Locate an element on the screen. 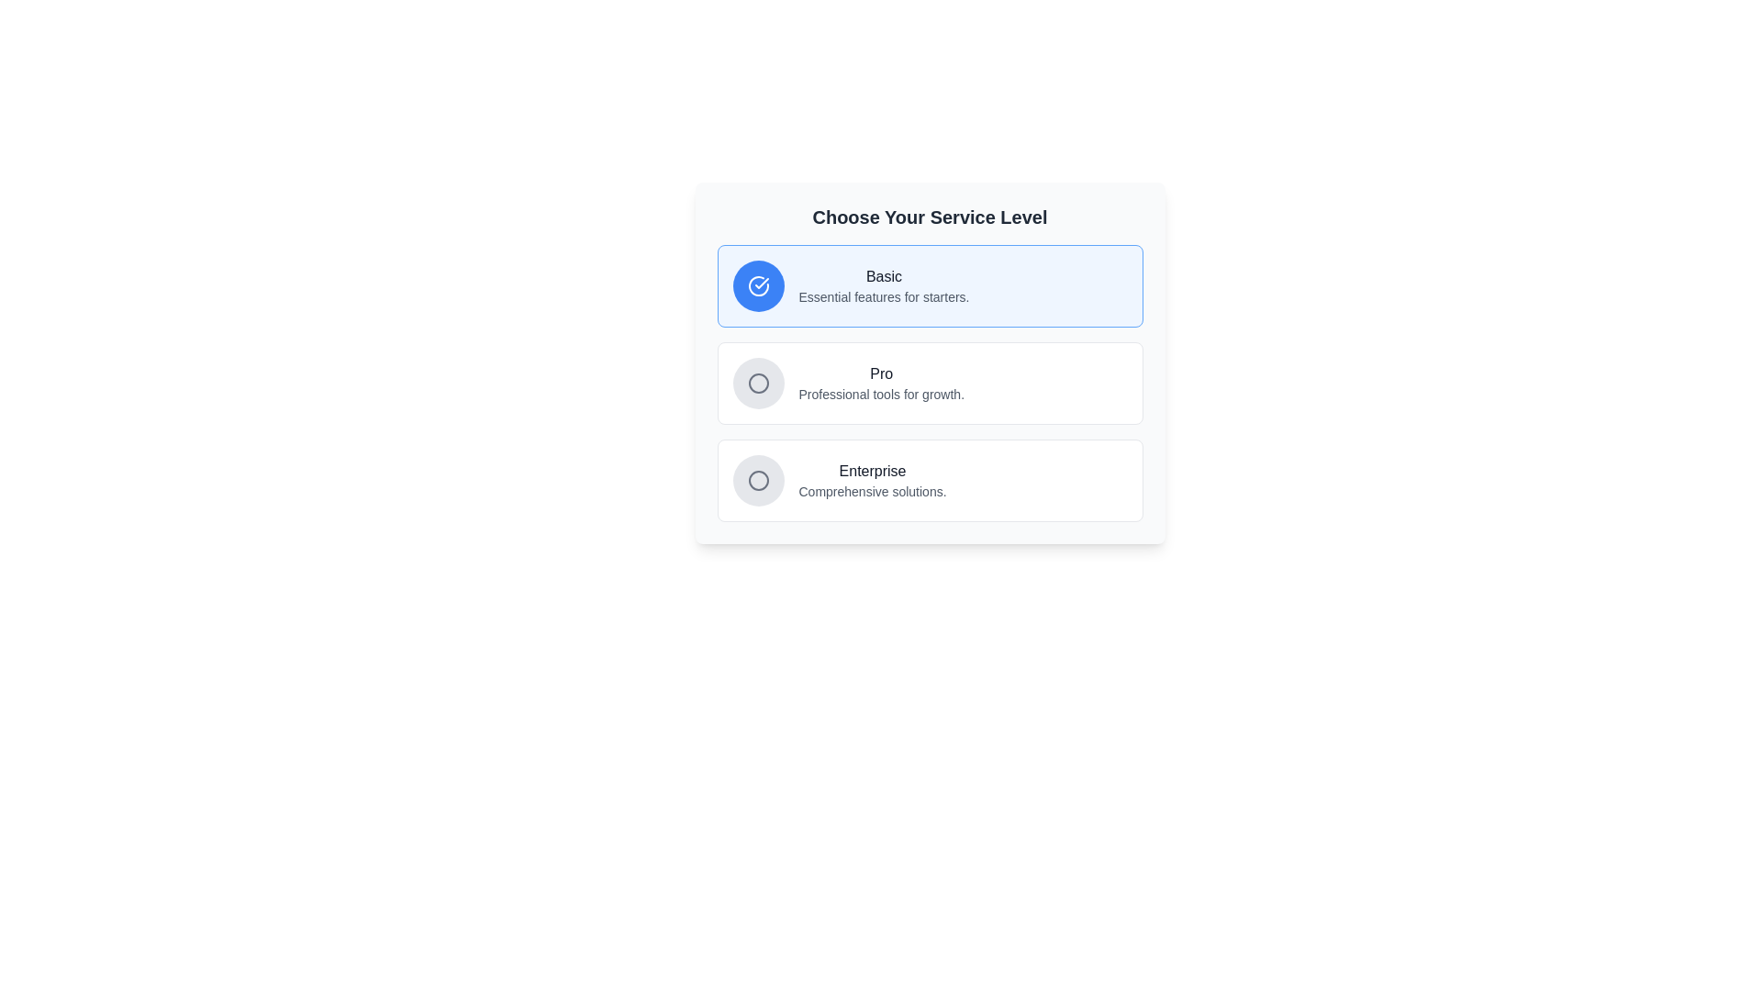  the text label that describes the 'Pro' service level, which is located directly below the 'Pro' label in the service level options list is located at coordinates (881, 393).